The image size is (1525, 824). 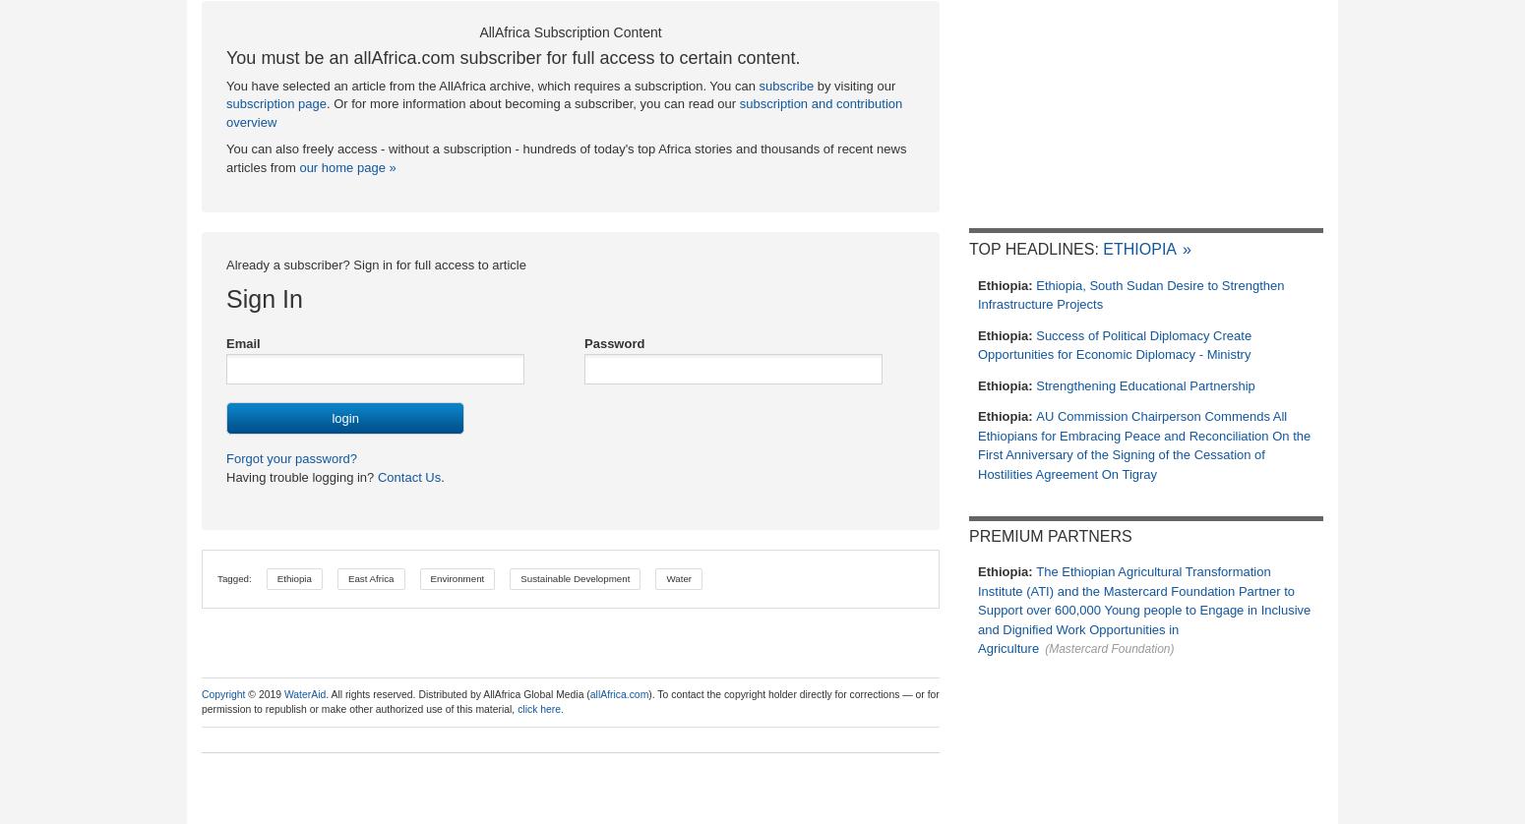 What do you see at coordinates (977, 610) in the screenshot?
I see `'The Ethiopian Agricultural Transformation Institute (ATI) and the Mastercard Foundation Partner to Support over 600,000 Young people to Engage in Inclusive and Dignified Work Opportunities in Agriculture'` at bounding box center [977, 610].